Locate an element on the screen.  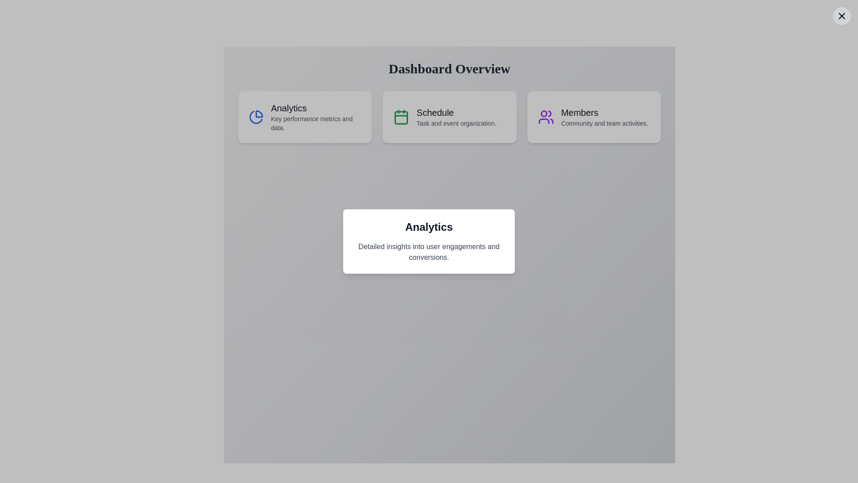
the Text block that presents a title and description related to scheduling tasks and events, located between the 'Analytics' and 'Members' elements, beneath a green calendar icon is located at coordinates (456, 117).